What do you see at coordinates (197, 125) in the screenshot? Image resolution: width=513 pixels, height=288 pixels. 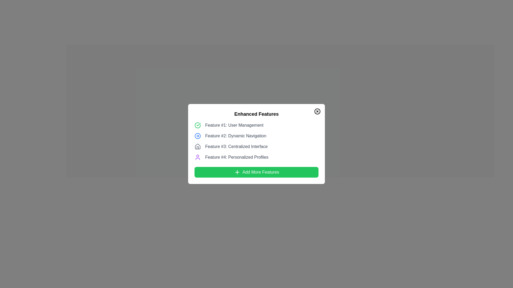 I see `the icon or status indicator located to the left of the text 'Feature #1: User Management' in the 'Enhanced Features' modal dialog` at bounding box center [197, 125].